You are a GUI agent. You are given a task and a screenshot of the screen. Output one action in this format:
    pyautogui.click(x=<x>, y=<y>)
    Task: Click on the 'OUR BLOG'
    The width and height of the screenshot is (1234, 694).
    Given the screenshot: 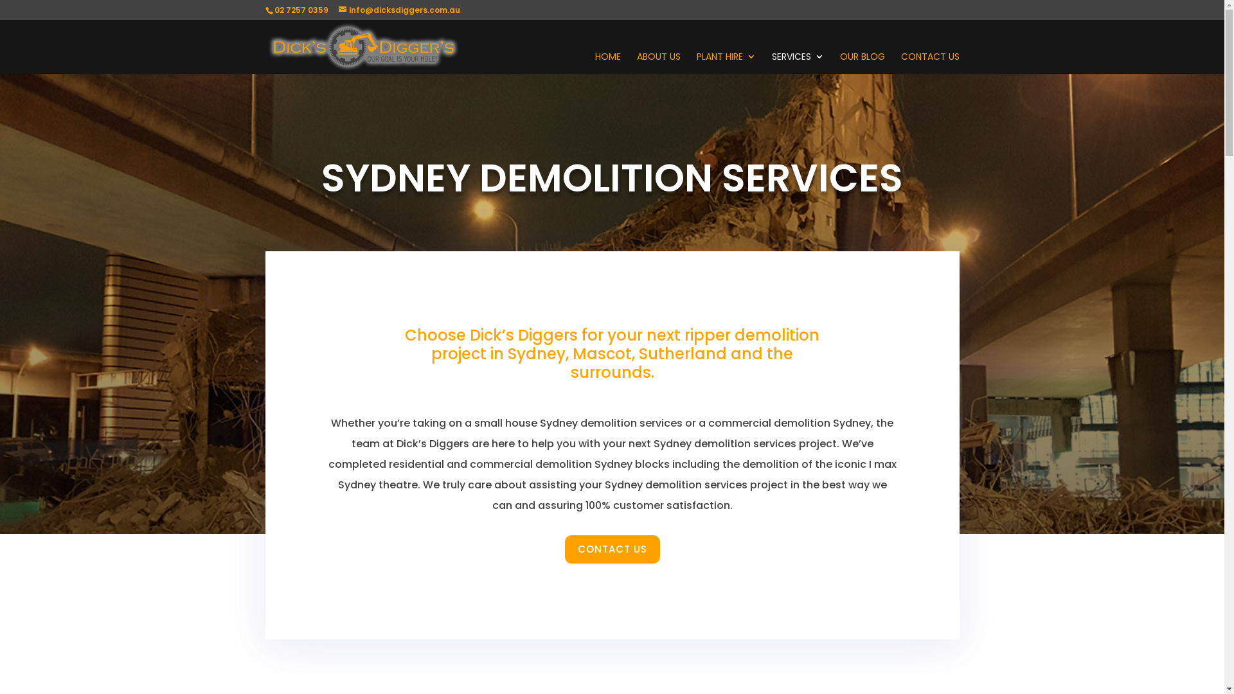 What is the action you would take?
    pyautogui.click(x=839, y=62)
    